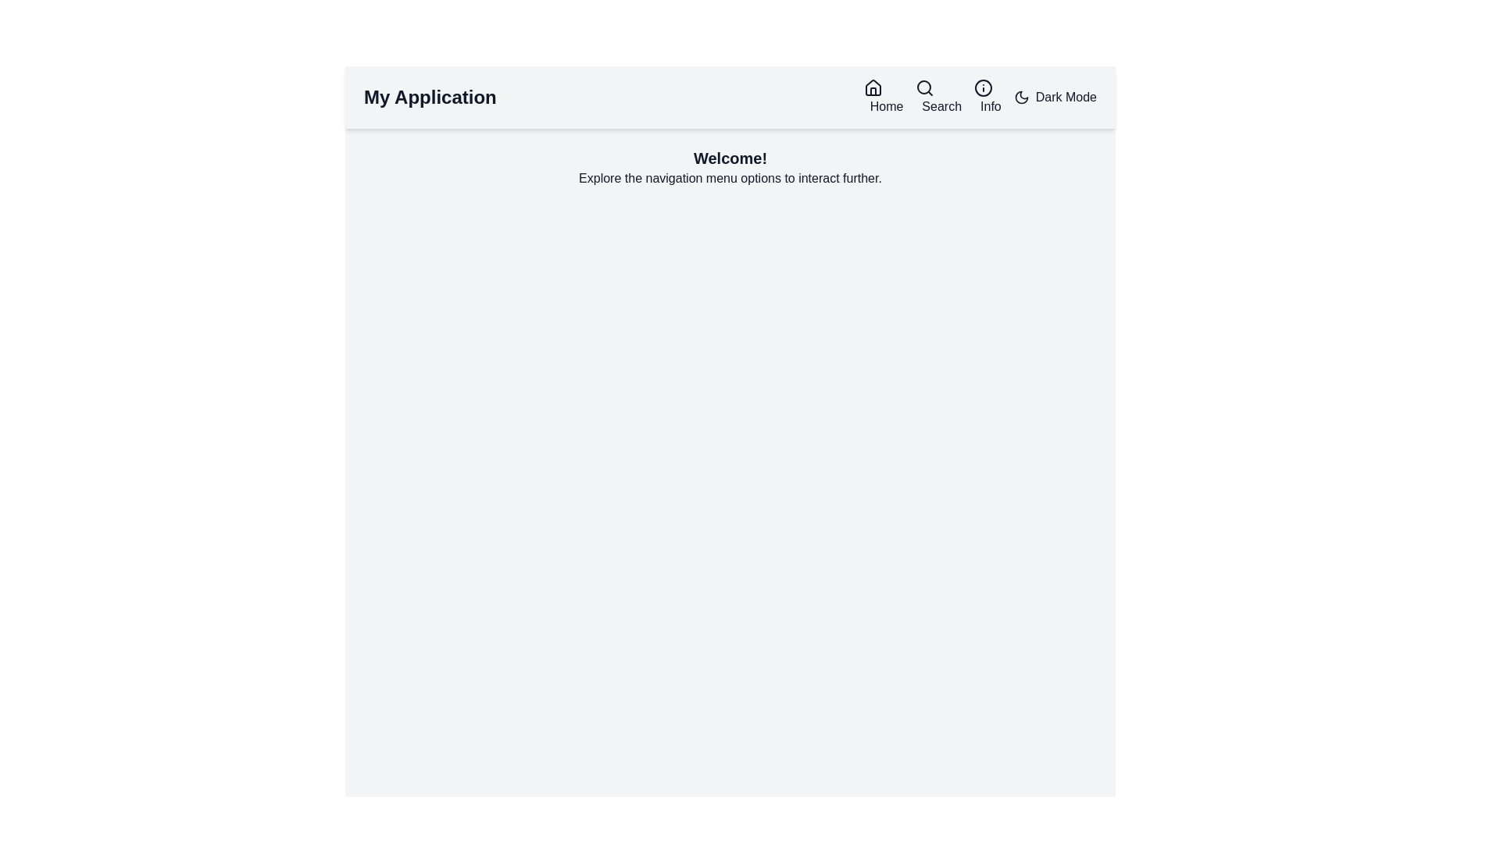  I want to click on the 'Search' text label located in the top-right section of the navigation menu, so click(941, 105).